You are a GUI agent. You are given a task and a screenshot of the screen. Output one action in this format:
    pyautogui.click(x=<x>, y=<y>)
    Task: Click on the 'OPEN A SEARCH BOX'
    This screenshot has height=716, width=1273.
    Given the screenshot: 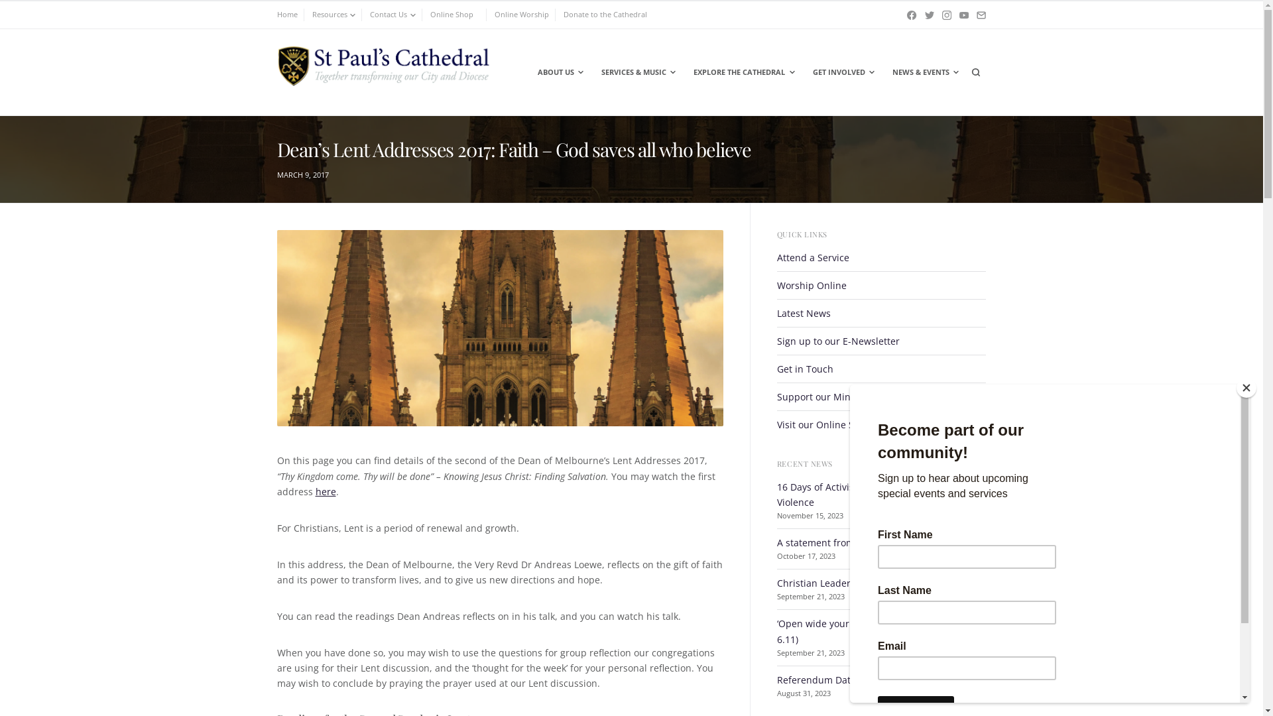 What is the action you would take?
    pyautogui.click(x=975, y=72)
    